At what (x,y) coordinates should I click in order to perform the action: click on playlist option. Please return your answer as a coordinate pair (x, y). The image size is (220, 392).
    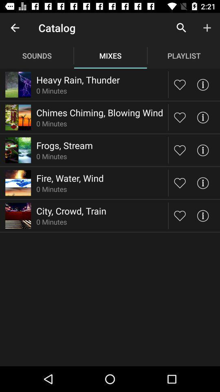
    Looking at the image, I should click on (180, 117).